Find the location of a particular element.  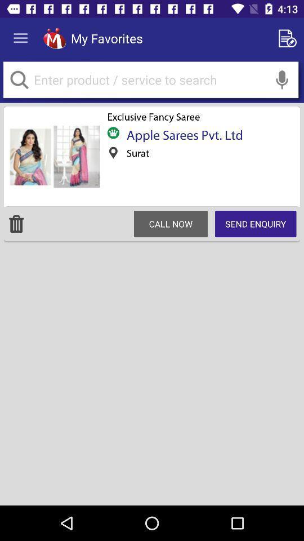

the apple sarees pvt is located at coordinates (181, 135).